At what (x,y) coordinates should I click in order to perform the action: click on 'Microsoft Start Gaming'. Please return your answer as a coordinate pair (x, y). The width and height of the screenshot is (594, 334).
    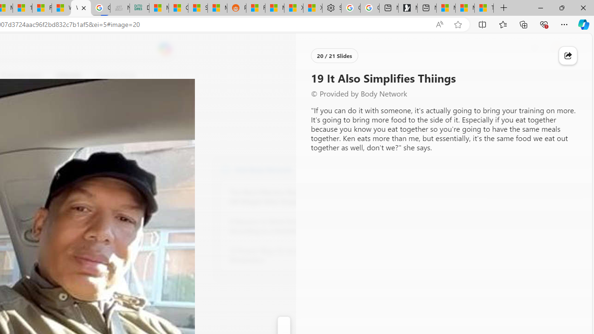
    Looking at the image, I should click on (407, 8).